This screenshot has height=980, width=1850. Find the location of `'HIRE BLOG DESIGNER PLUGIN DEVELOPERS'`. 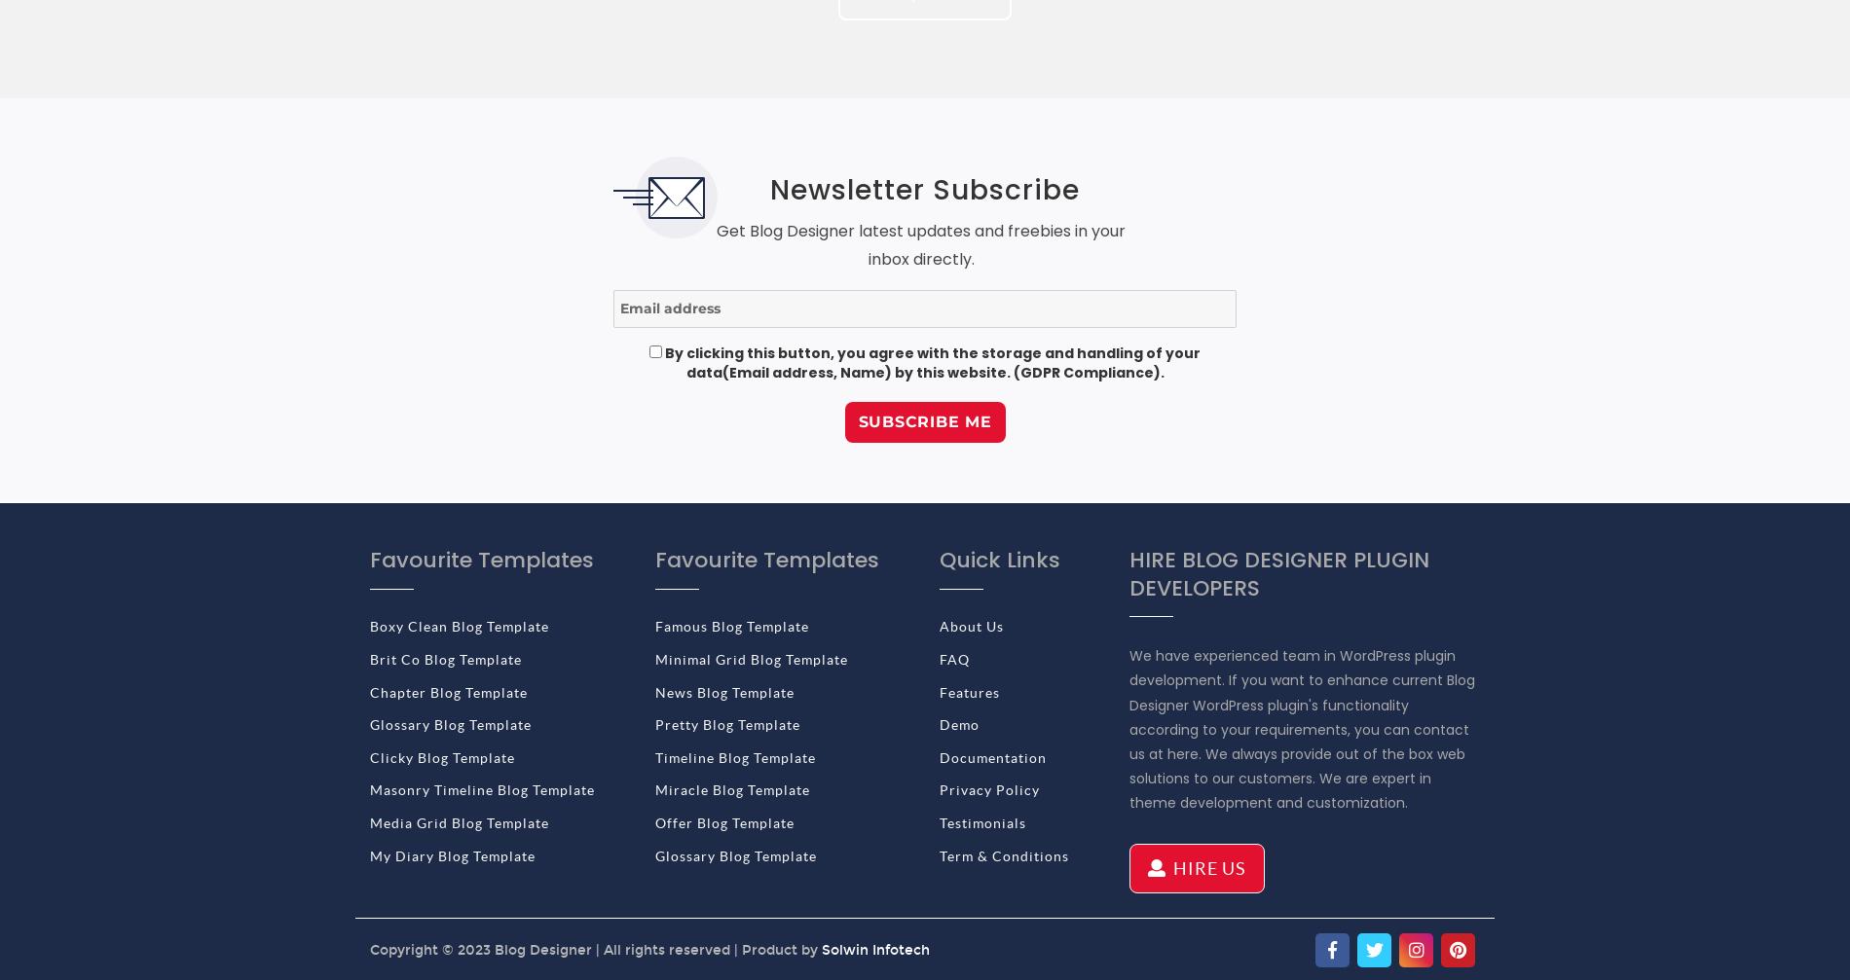

'HIRE BLOG DESIGNER PLUGIN DEVELOPERS' is located at coordinates (1128, 571).